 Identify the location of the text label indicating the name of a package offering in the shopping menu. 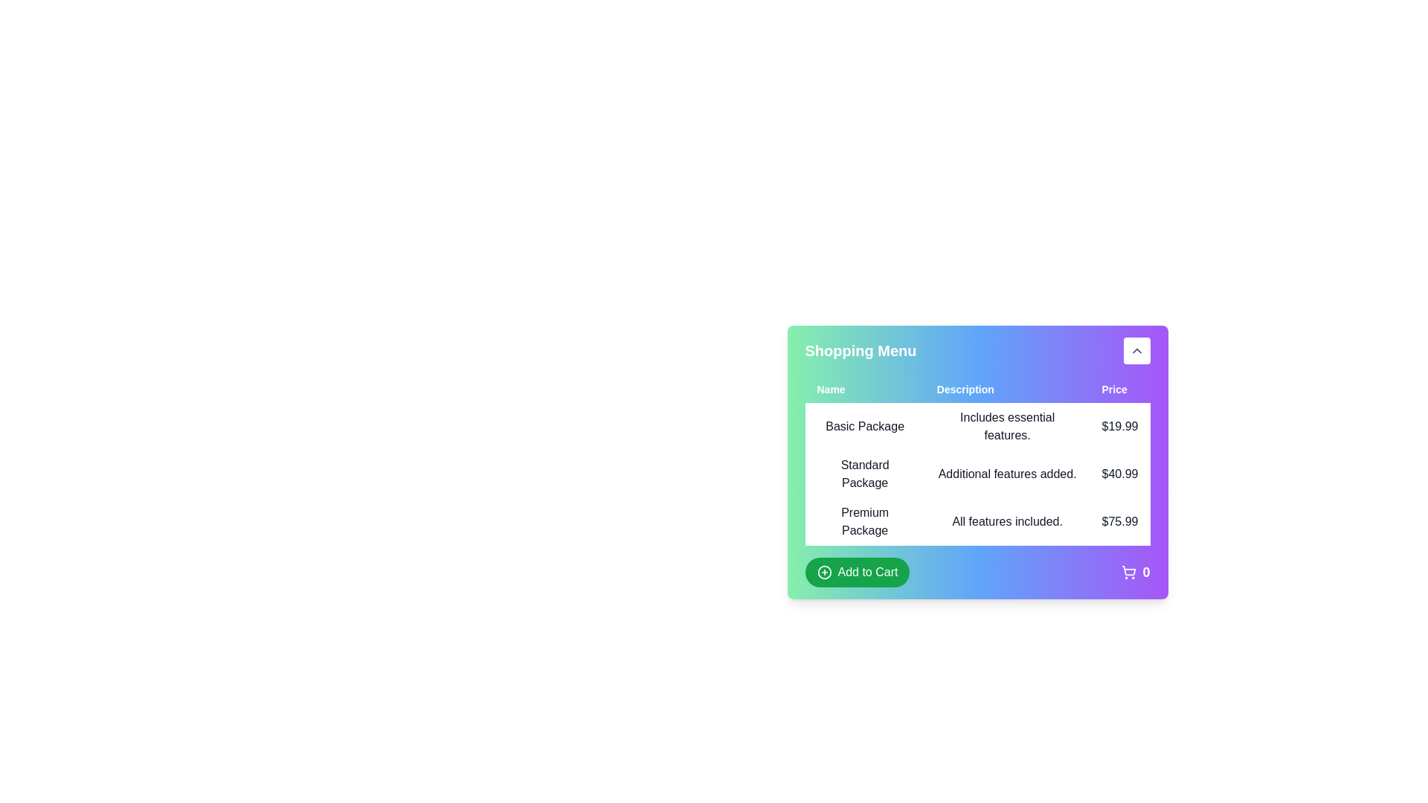
(865, 521).